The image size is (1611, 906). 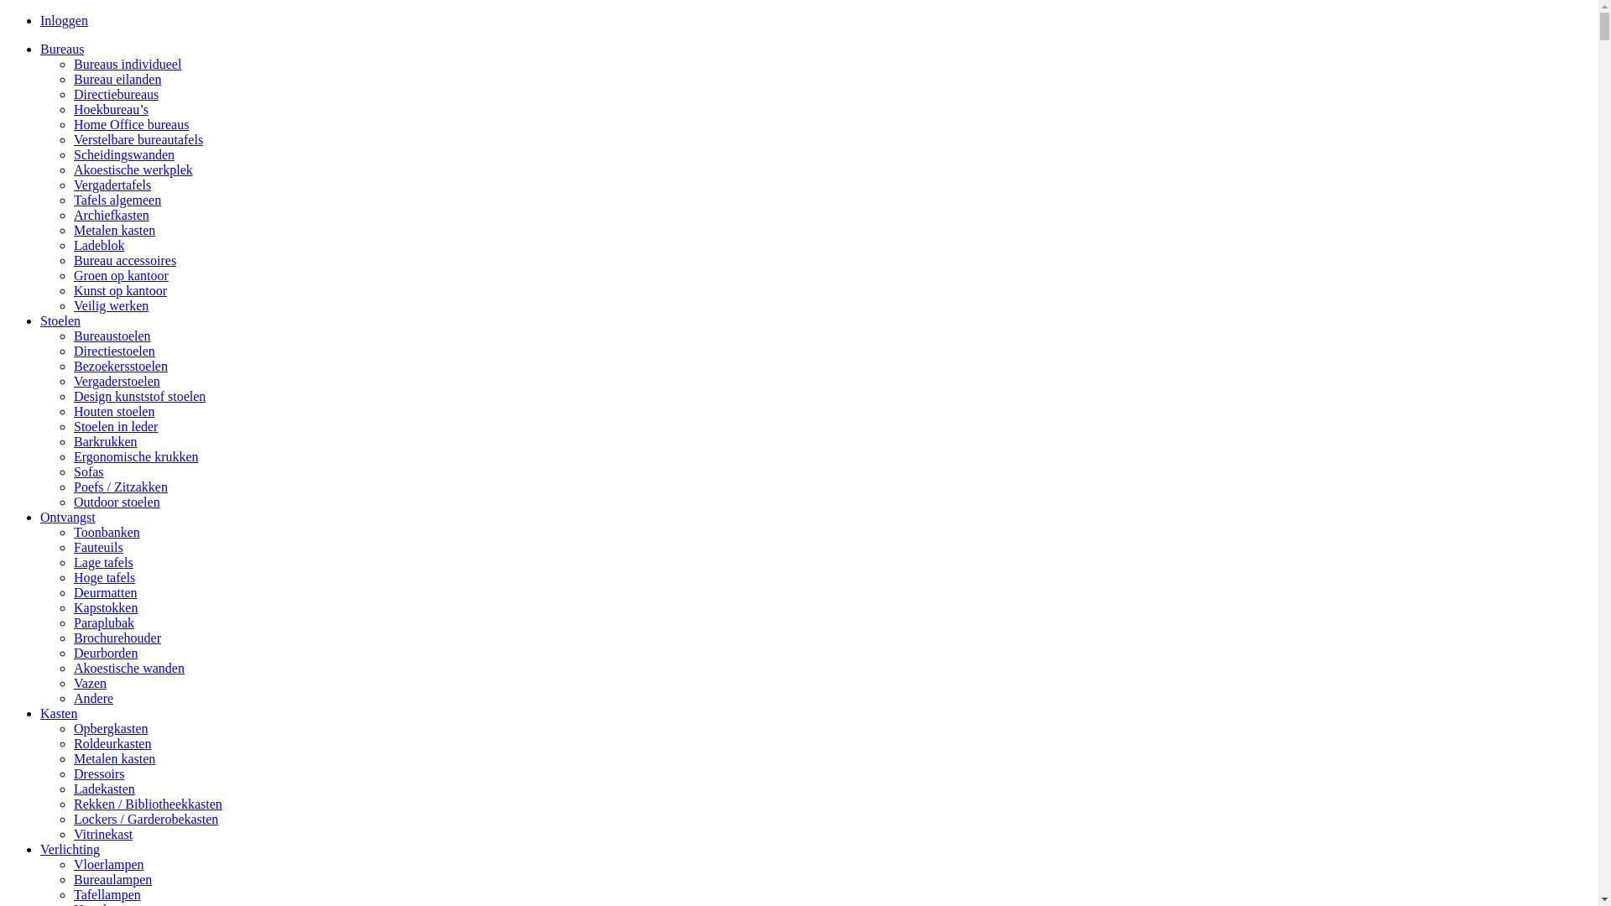 What do you see at coordinates (112, 742) in the screenshot?
I see `'Roldeurkasten'` at bounding box center [112, 742].